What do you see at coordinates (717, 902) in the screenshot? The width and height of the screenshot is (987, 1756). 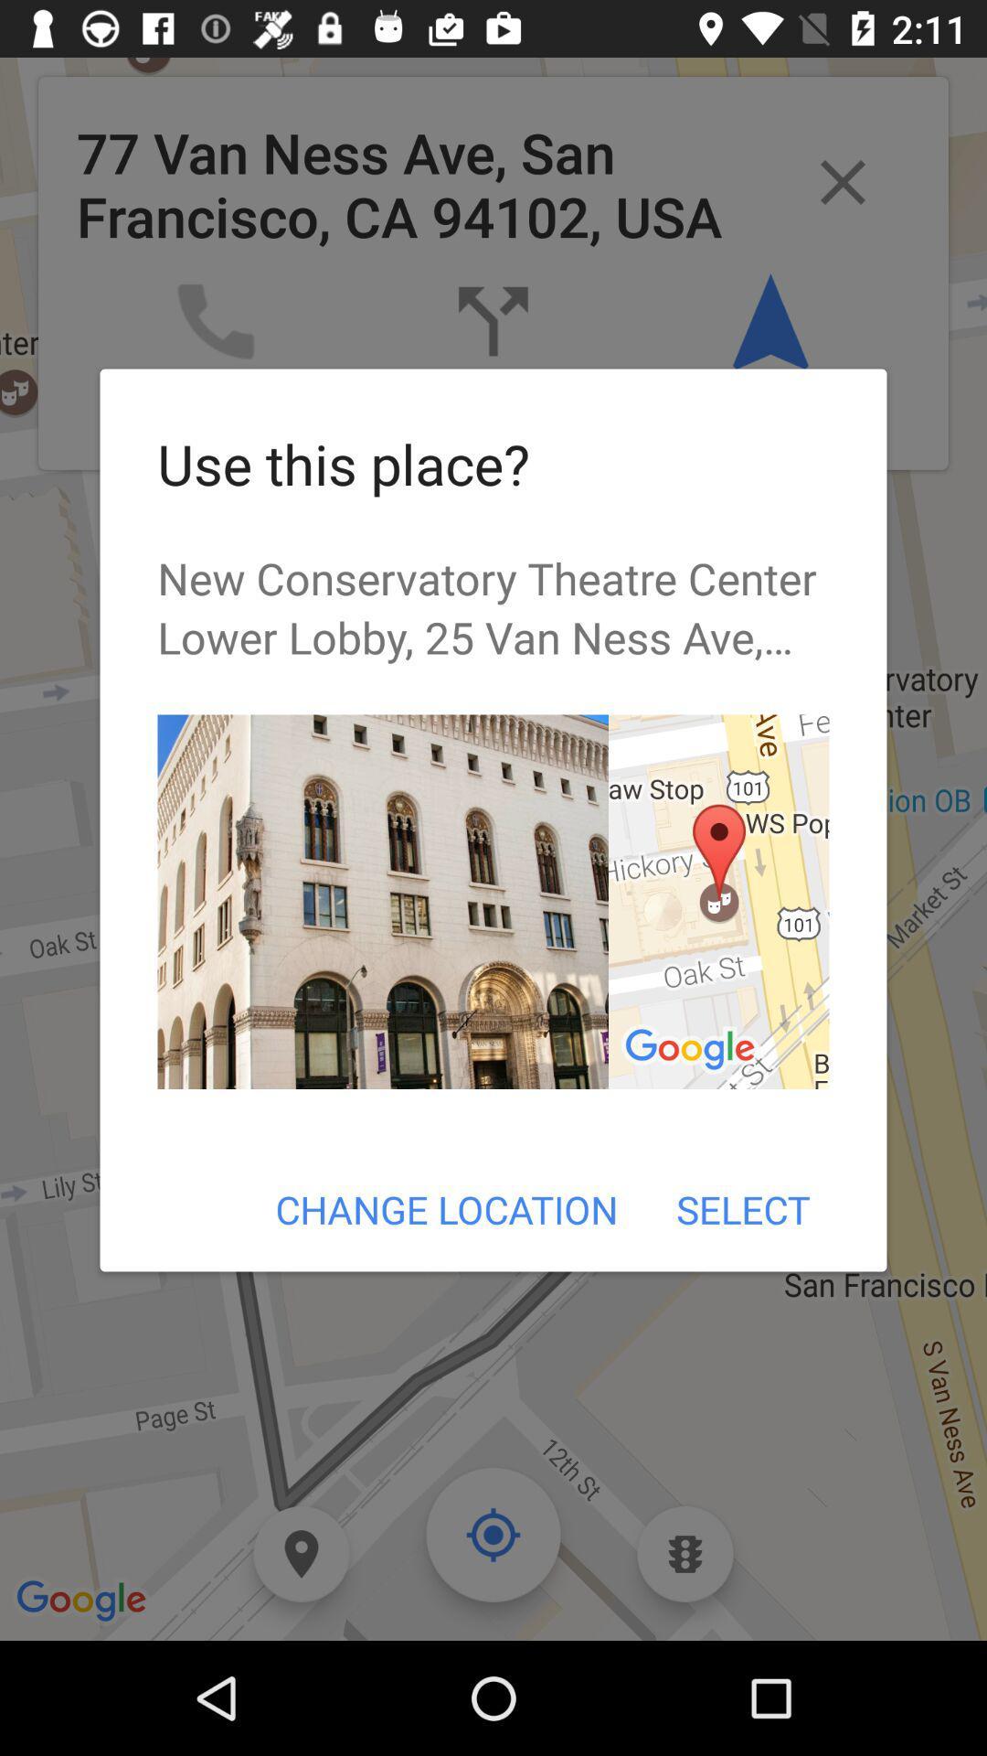 I see `icon below the lower lobby 25 item` at bounding box center [717, 902].